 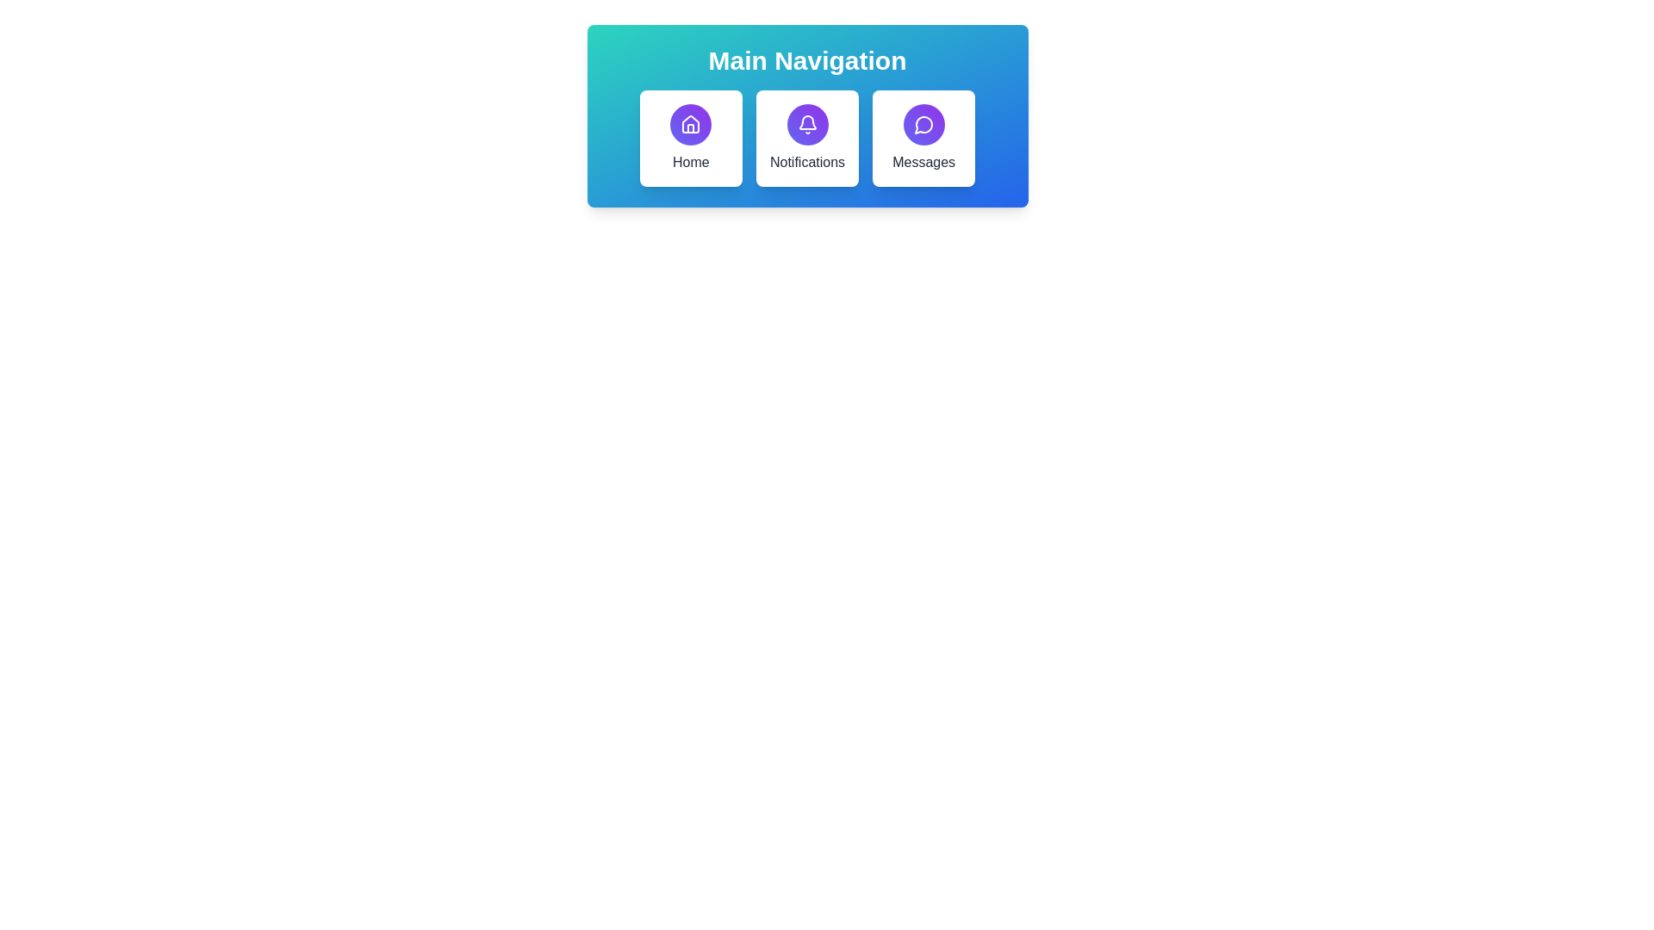 What do you see at coordinates (806, 124) in the screenshot?
I see `the icon button representing notifications, located at the top center of the 'Notifications' card` at bounding box center [806, 124].